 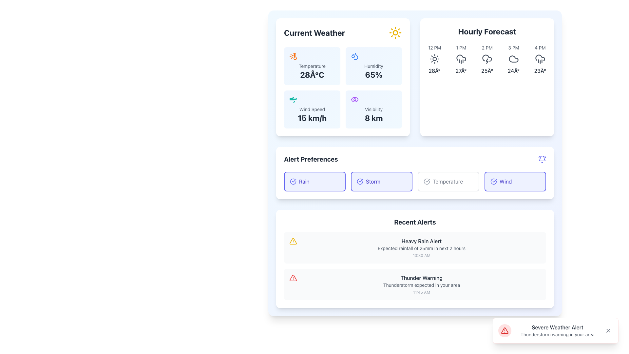 What do you see at coordinates (312, 109) in the screenshot?
I see `the 'Wind Speed' text label, which is styled with a small font size and gray color, located within a weather information card` at bounding box center [312, 109].